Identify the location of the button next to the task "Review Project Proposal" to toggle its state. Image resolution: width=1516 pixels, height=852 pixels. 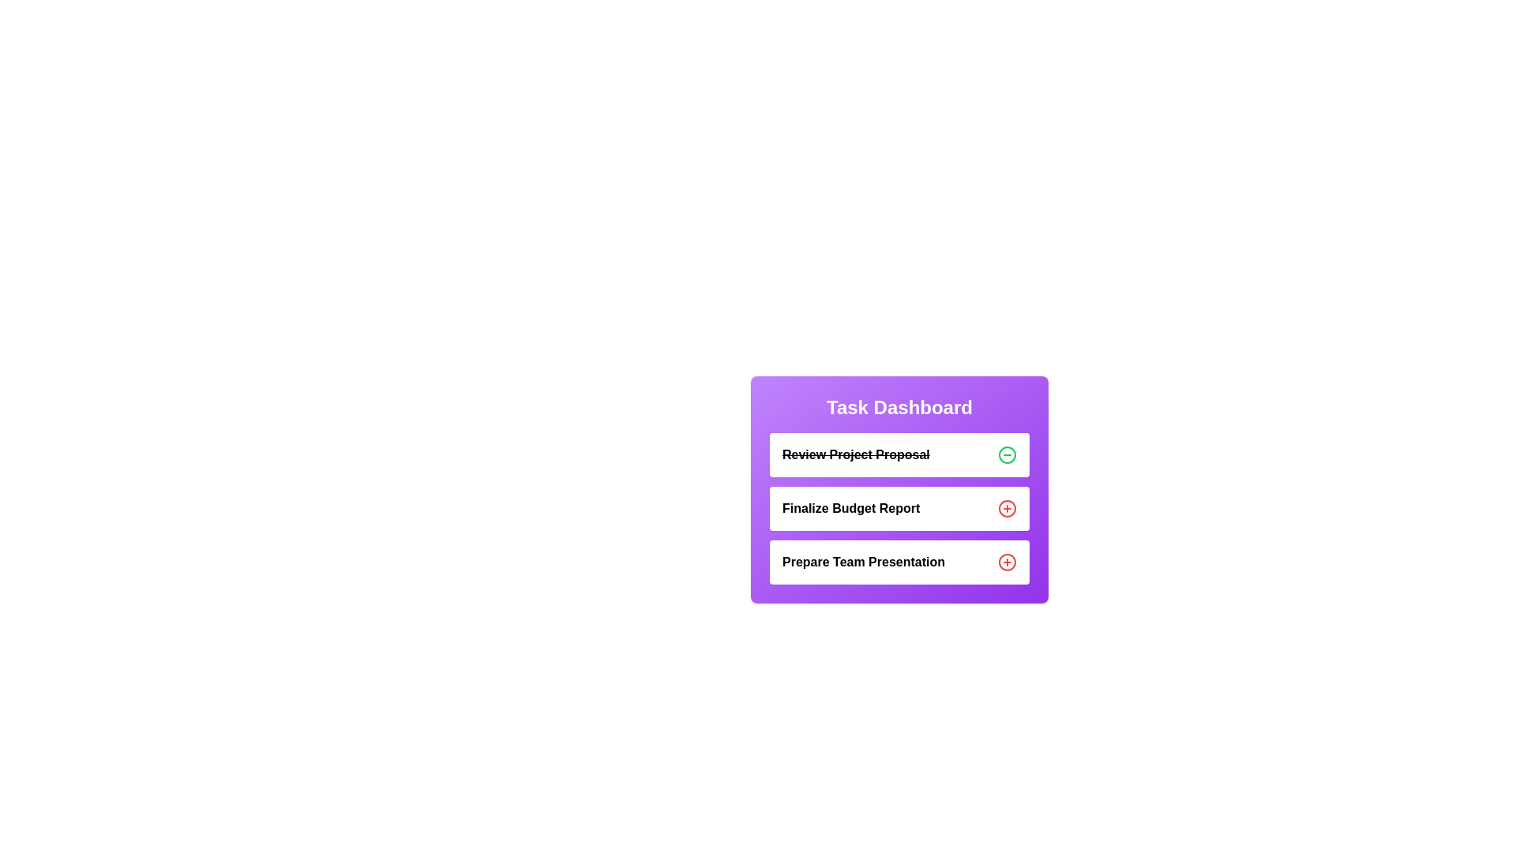
(1007, 455).